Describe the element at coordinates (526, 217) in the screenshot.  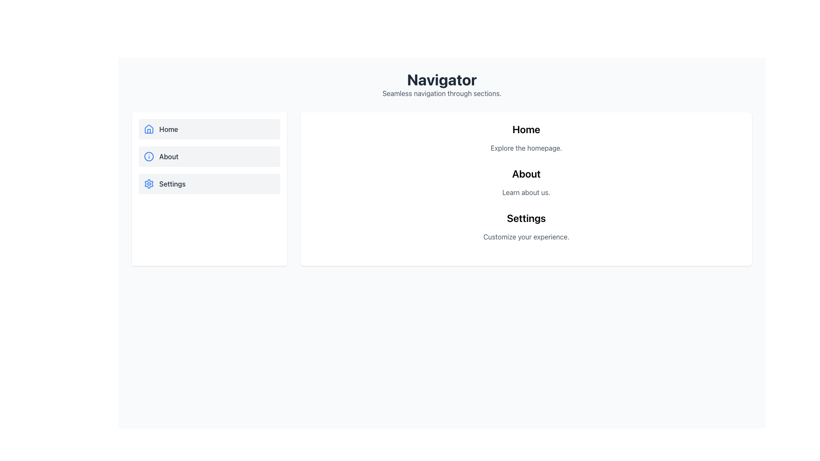
I see `text of the 'Settings' header located centrally in the right panel under the 'Navigator' header block` at that location.